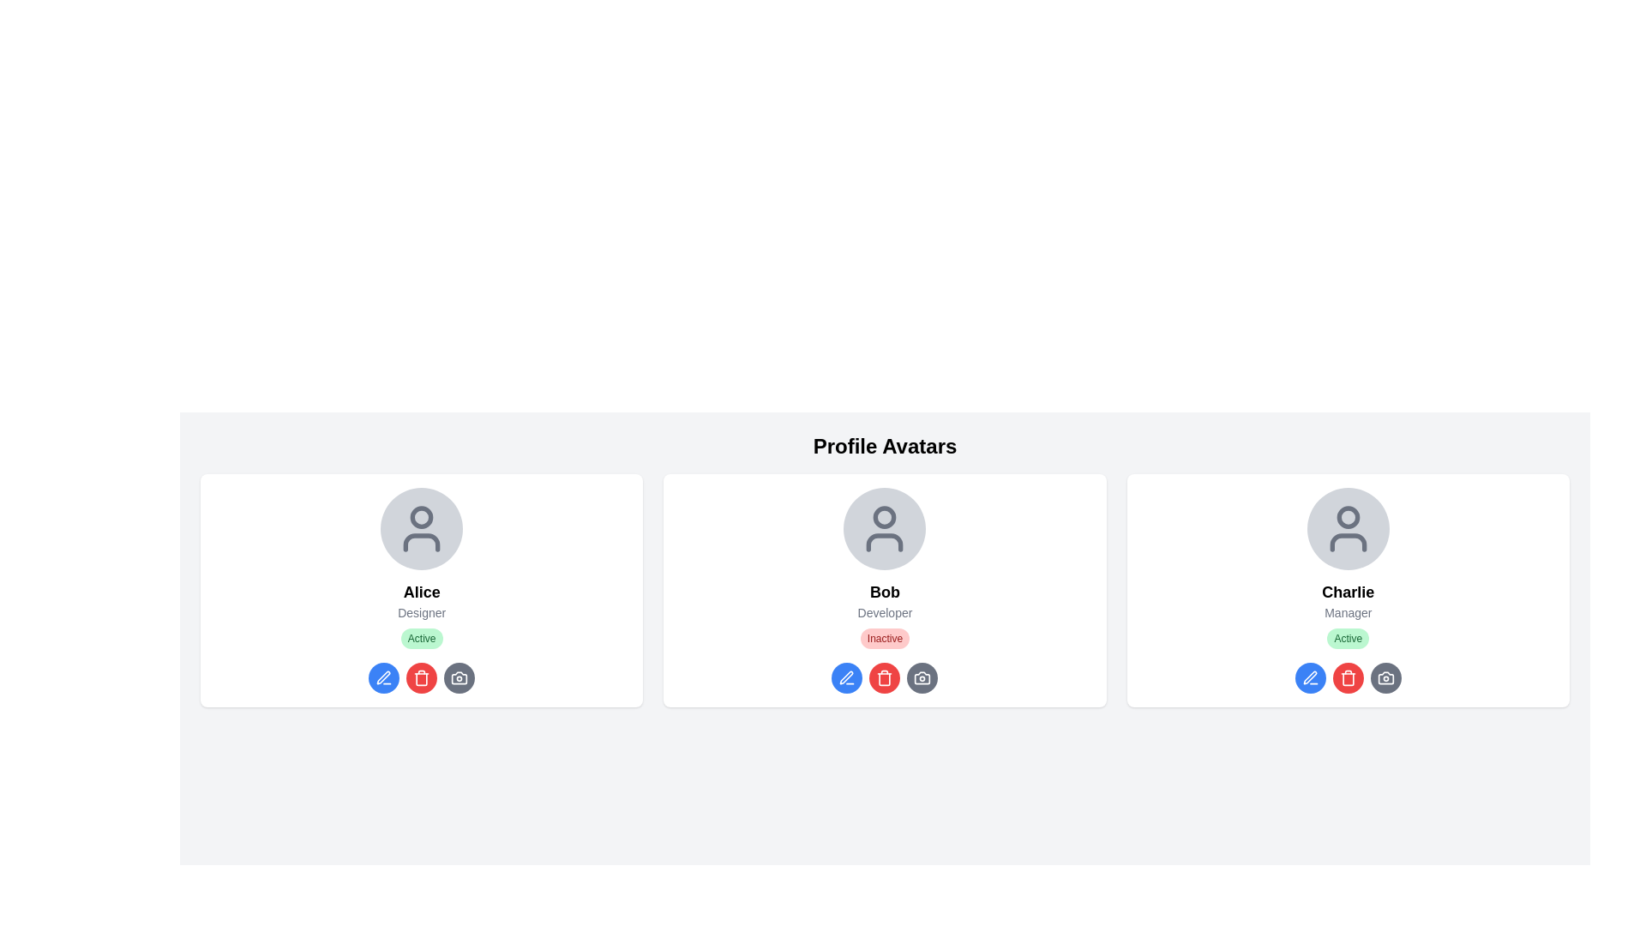  What do you see at coordinates (885, 528) in the screenshot?
I see `the profile avatar icon located in the middle profile card above the name 'Bob' and the role 'Developer'` at bounding box center [885, 528].